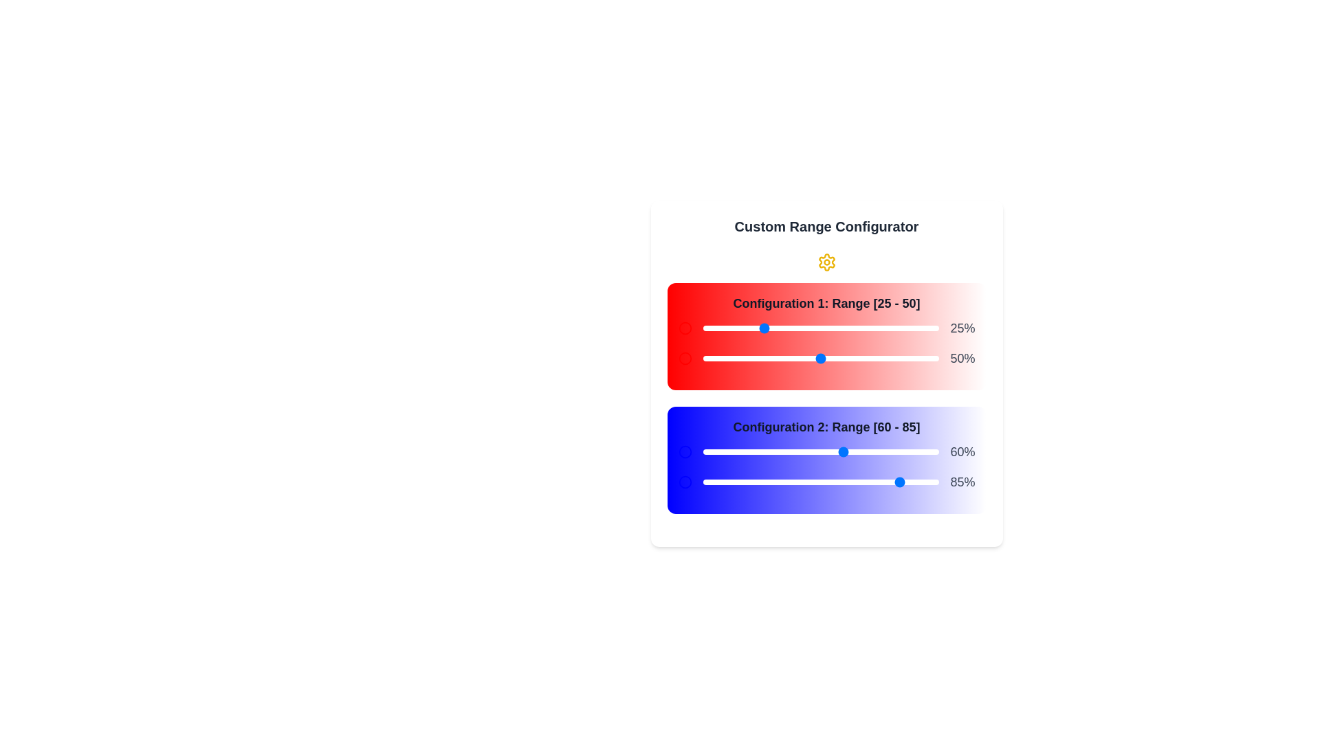 This screenshot has width=1320, height=742. Describe the element at coordinates (707, 328) in the screenshot. I see `the slider for Configuration 1 to set the value to 2%` at that location.